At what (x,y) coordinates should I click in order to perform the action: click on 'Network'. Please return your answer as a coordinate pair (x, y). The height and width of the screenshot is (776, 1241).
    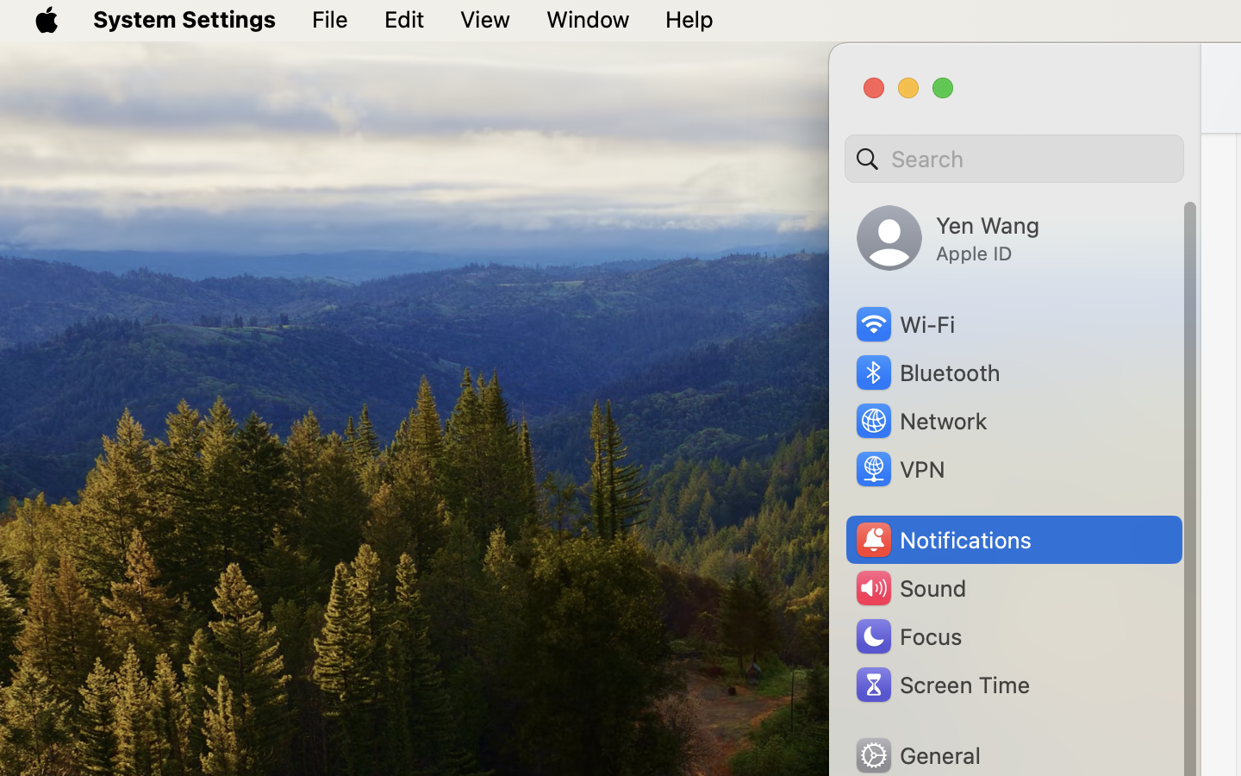
    Looking at the image, I should click on (920, 419).